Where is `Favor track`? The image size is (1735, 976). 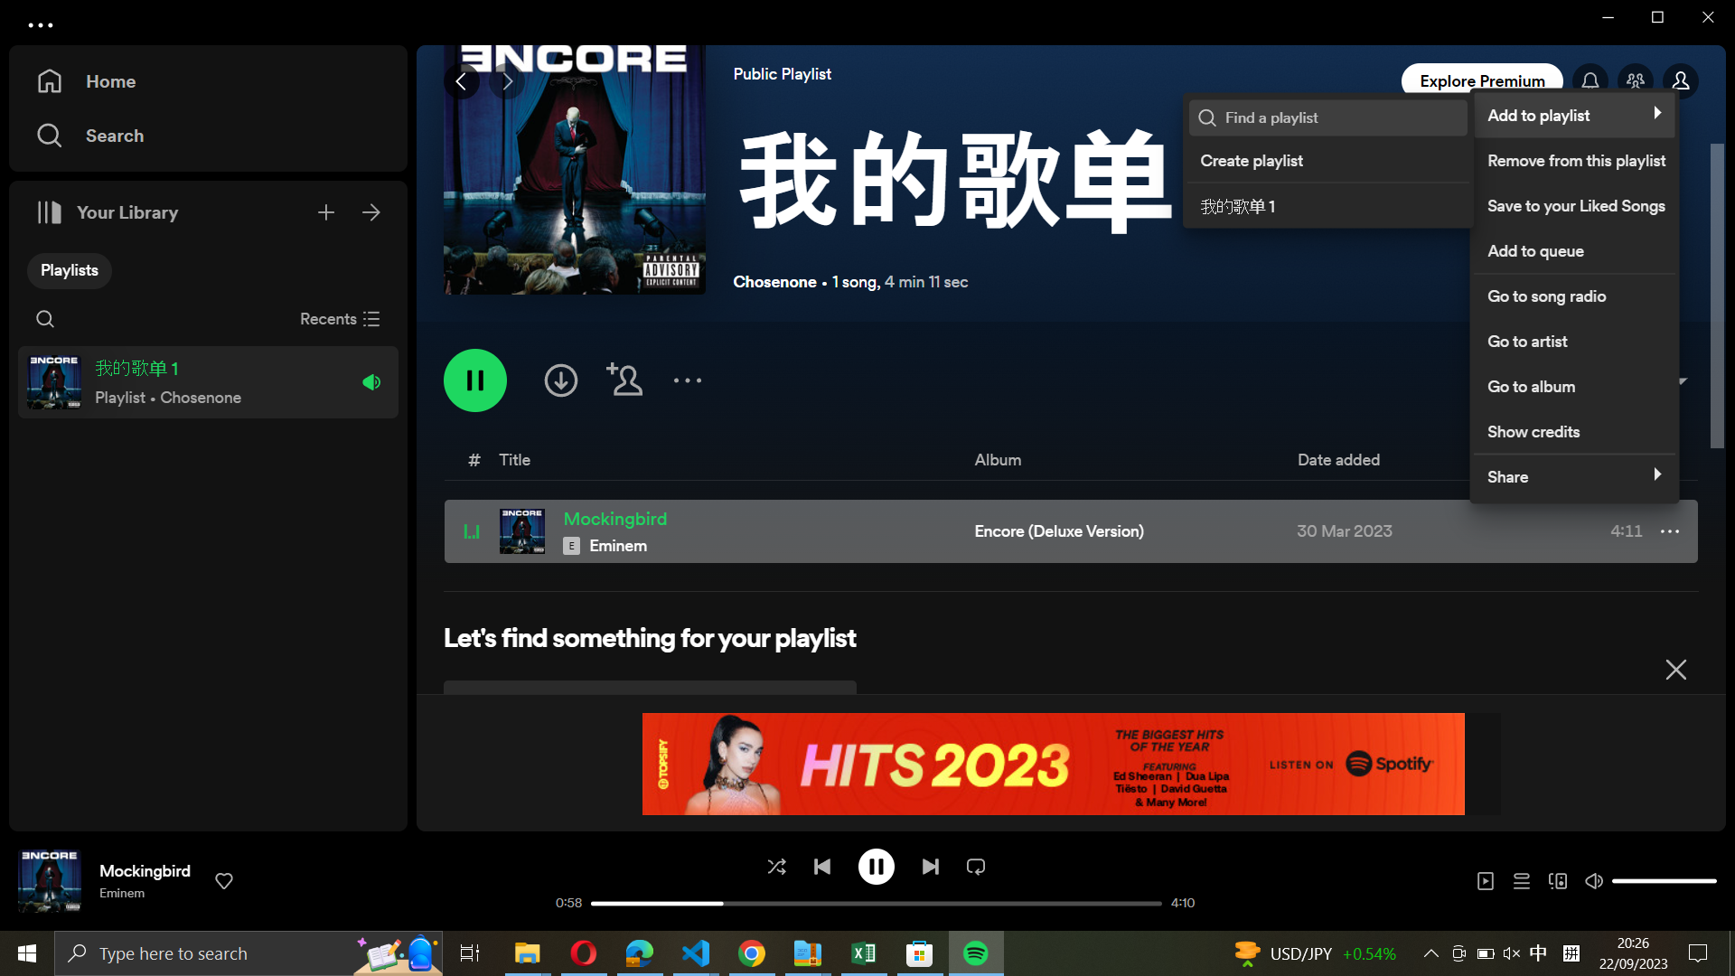
Favor track is located at coordinates (224, 879).